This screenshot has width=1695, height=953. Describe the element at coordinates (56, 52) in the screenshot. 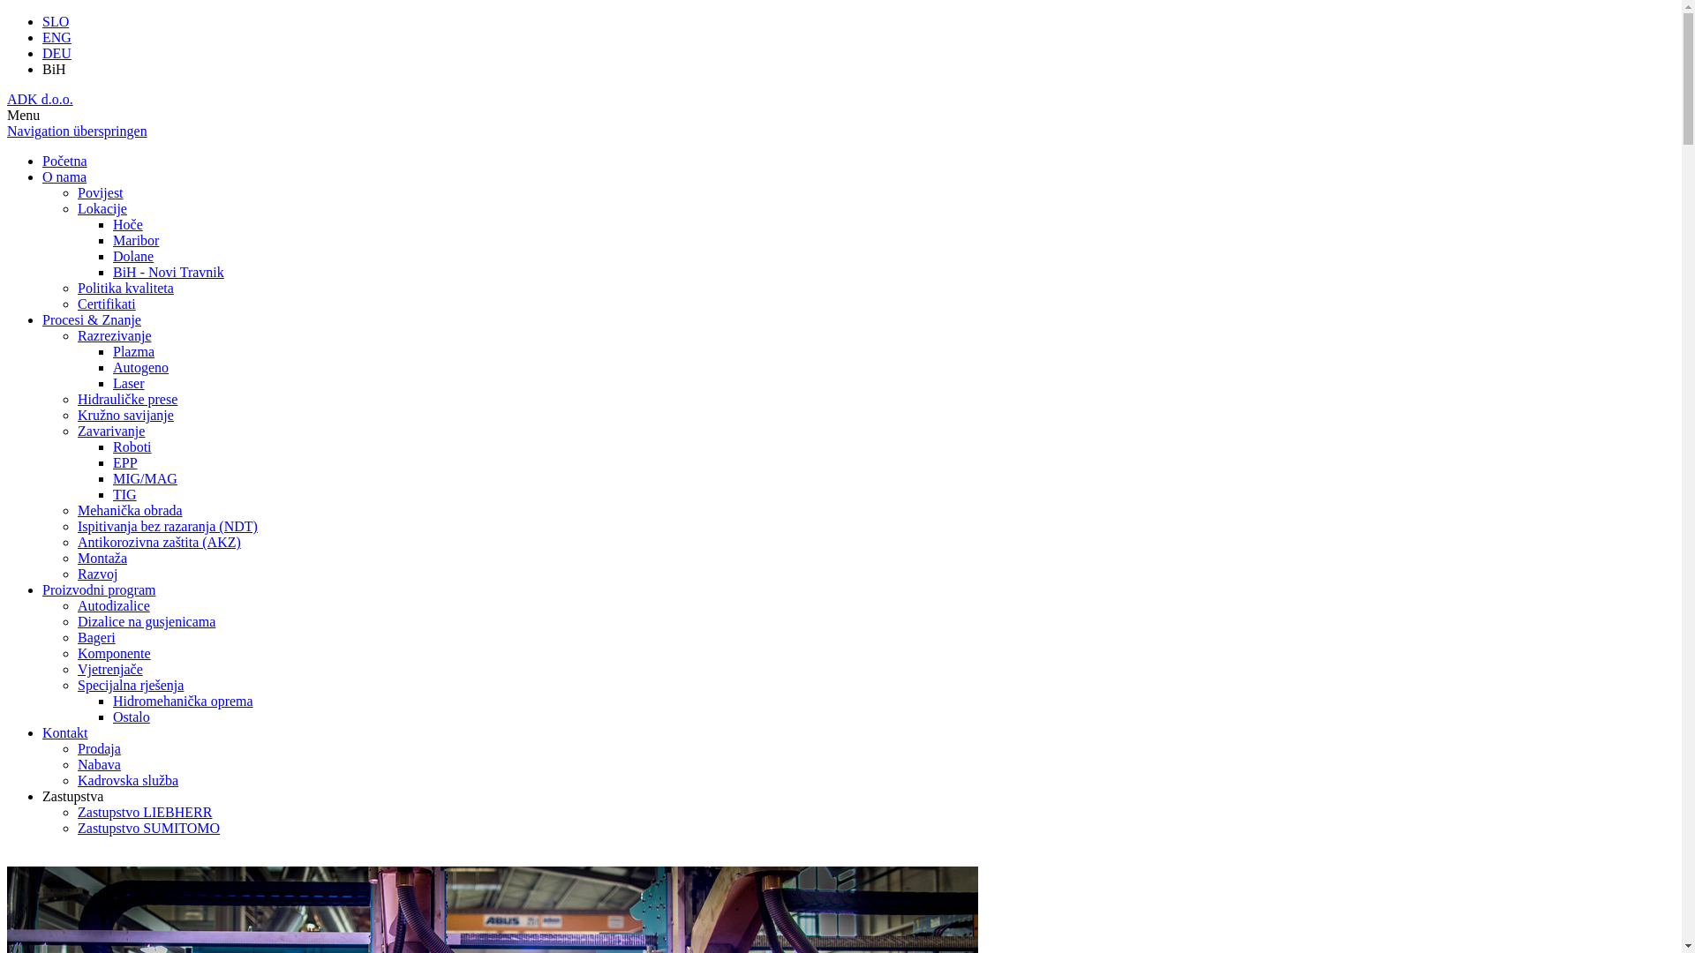

I see `'DEU'` at that location.